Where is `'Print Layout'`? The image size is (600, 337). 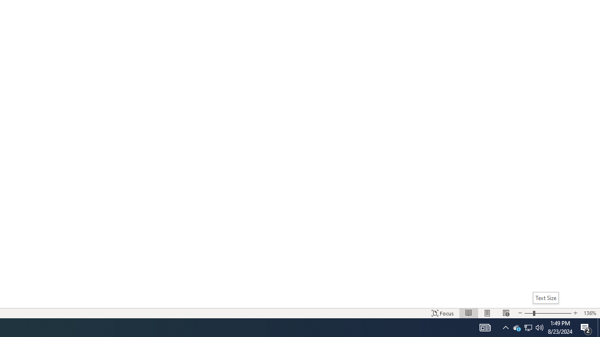 'Print Layout' is located at coordinates (487, 313).